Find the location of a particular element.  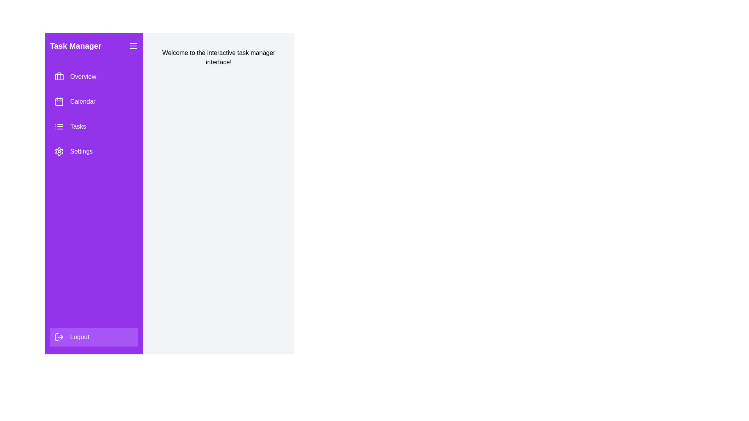

the menu button in the header of the drawer to toggle its visibility is located at coordinates (133, 46).